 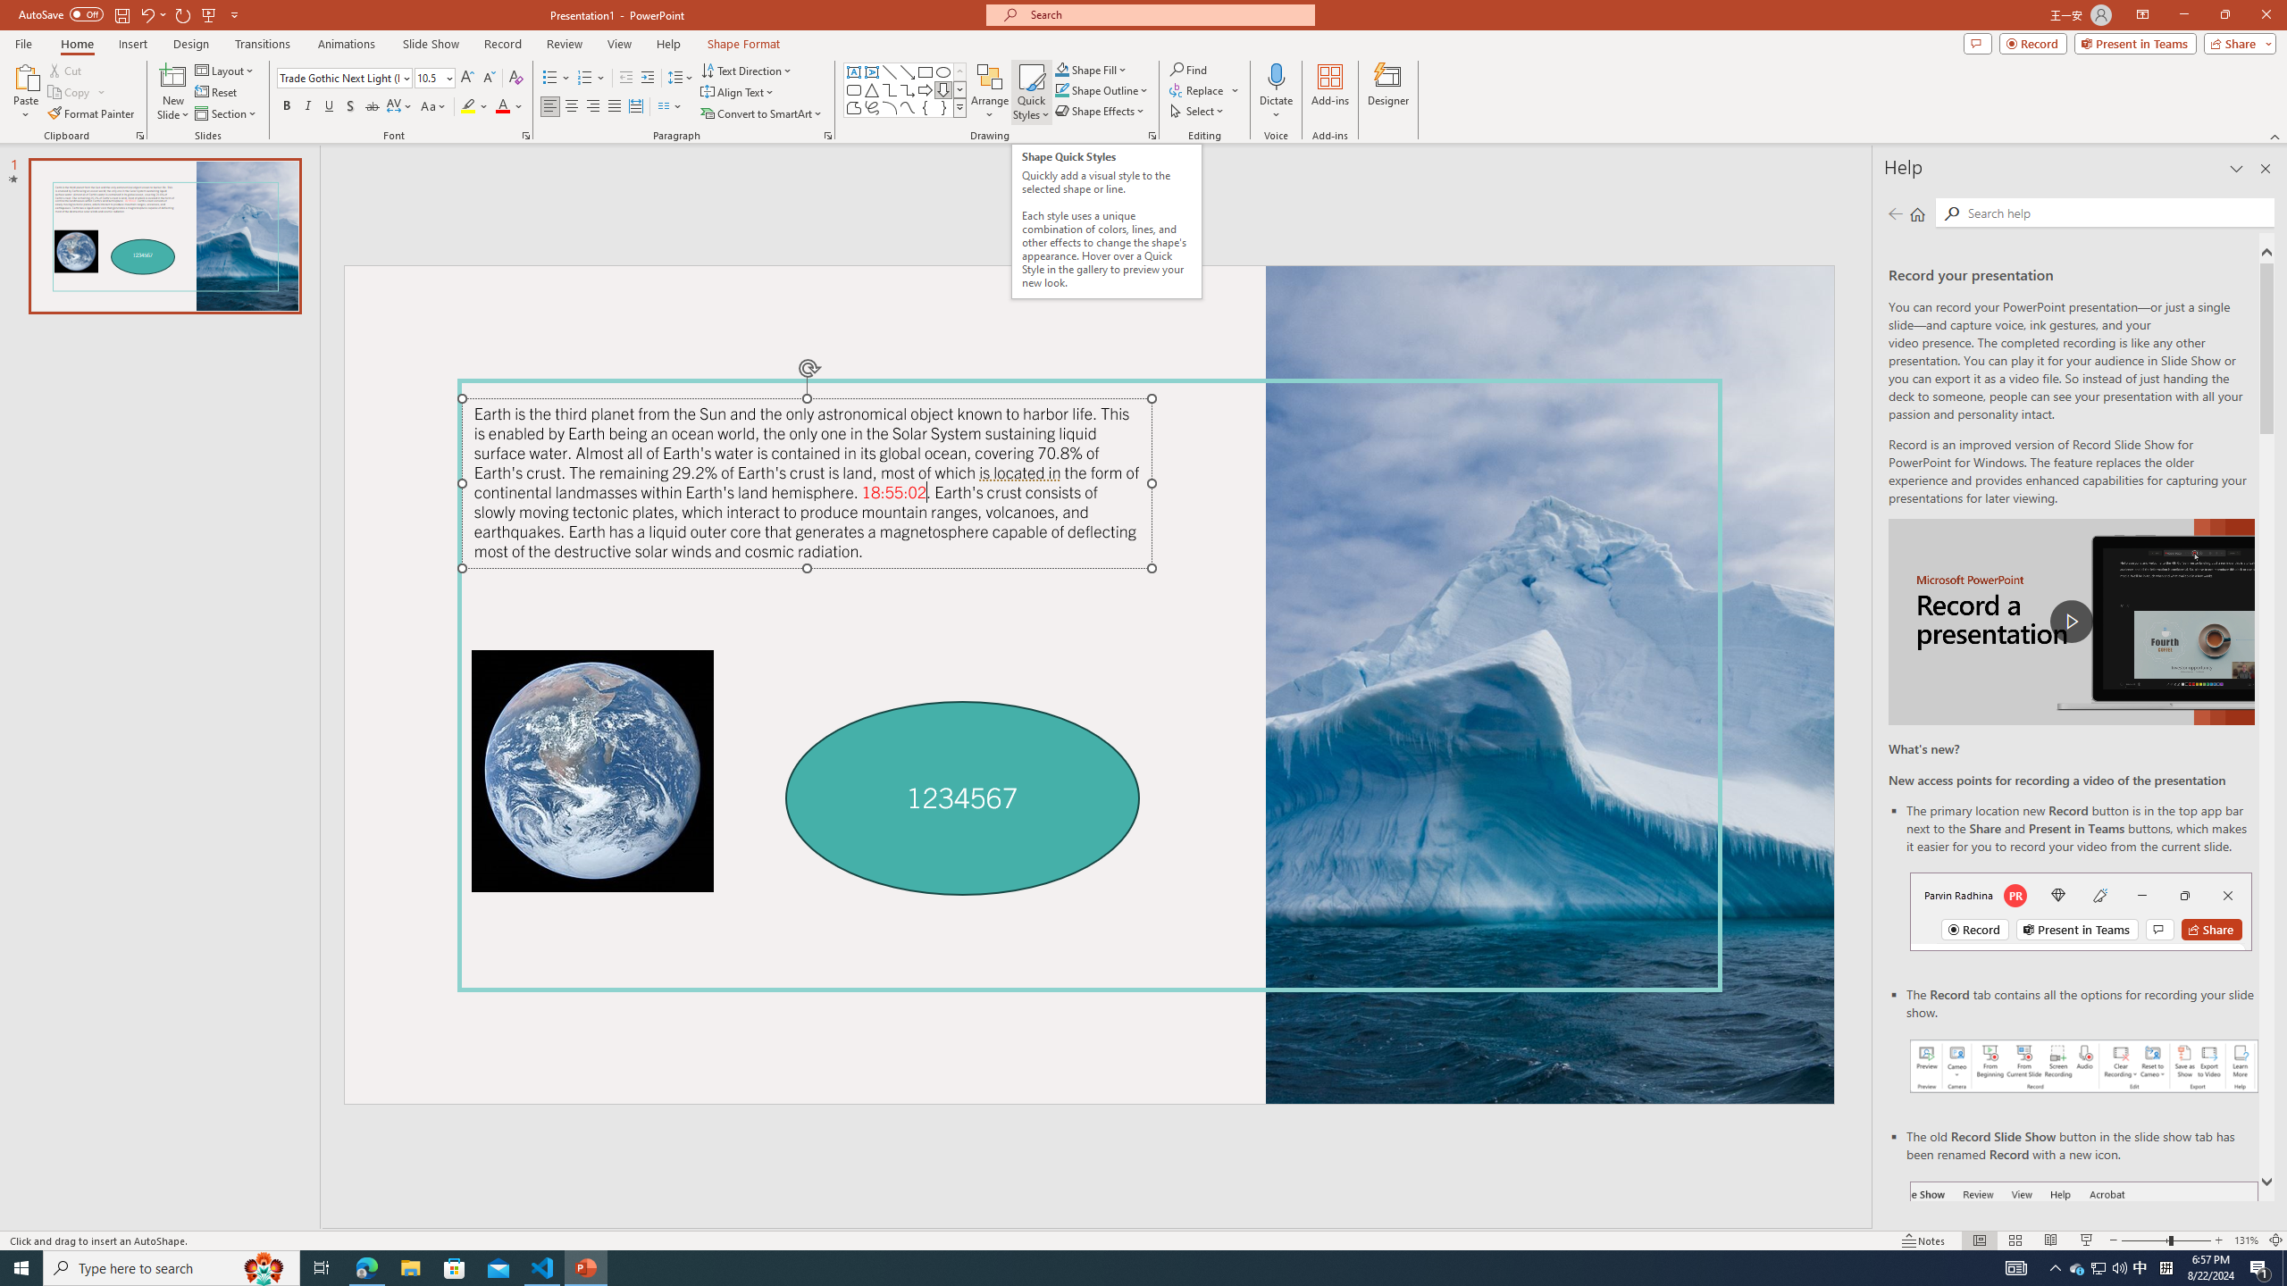 What do you see at coordinates (904, 89) in the screenshot?
I see `'AutomationID: ShapesInsertGallery'` at bounding box center [904, 89].